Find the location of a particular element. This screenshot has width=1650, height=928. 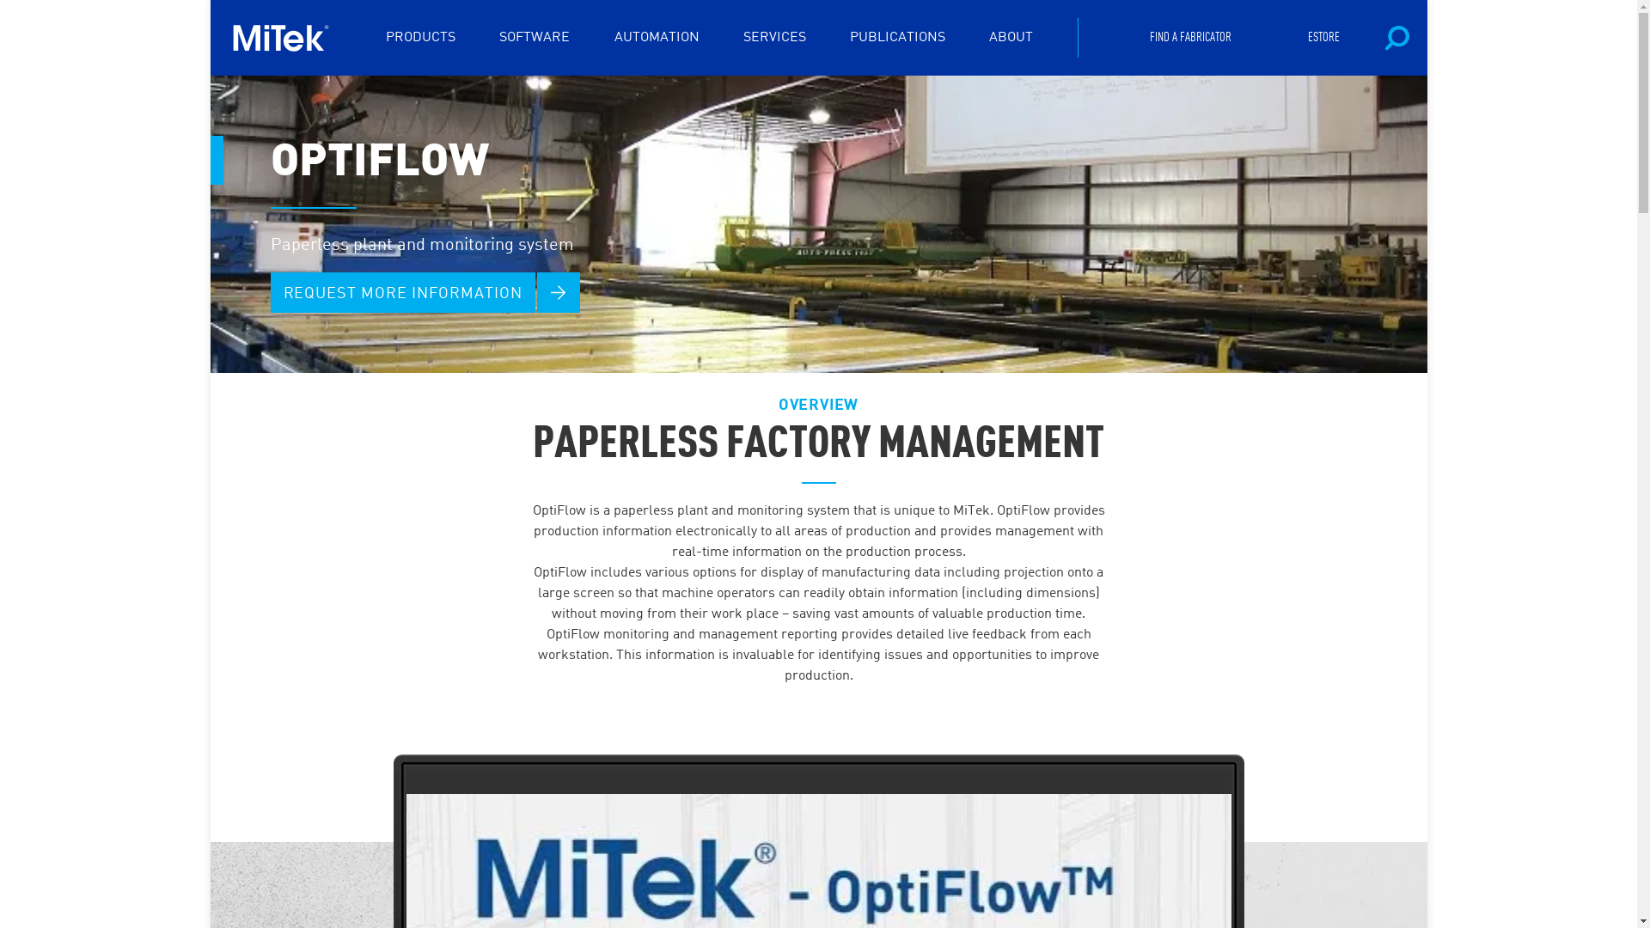

'SERVICES' is located at coordinates (773, 37).